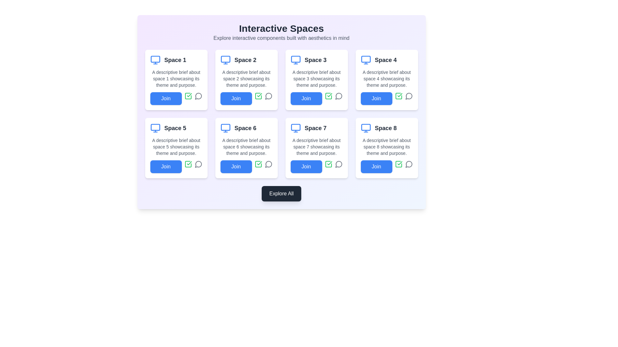 The height and width of the screenshot is (347, 618). Describe the element at coordinates (338, 96) in the screenshot. I see `the comments icon located in the bottom right corner of the 'Space 3' card` at that location.